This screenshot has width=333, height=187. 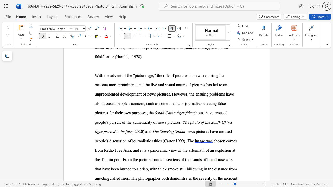 I want to click on the subset text "tes" within the text "demonstrates", so click(x=187, y=178).